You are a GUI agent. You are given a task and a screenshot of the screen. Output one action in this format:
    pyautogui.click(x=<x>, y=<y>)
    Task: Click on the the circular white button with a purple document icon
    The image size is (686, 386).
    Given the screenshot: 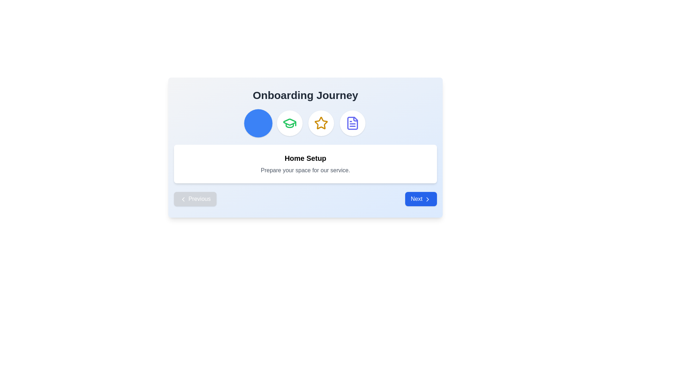 What is the action you would take?
    pyautogui.click(x=353, y=123)
    